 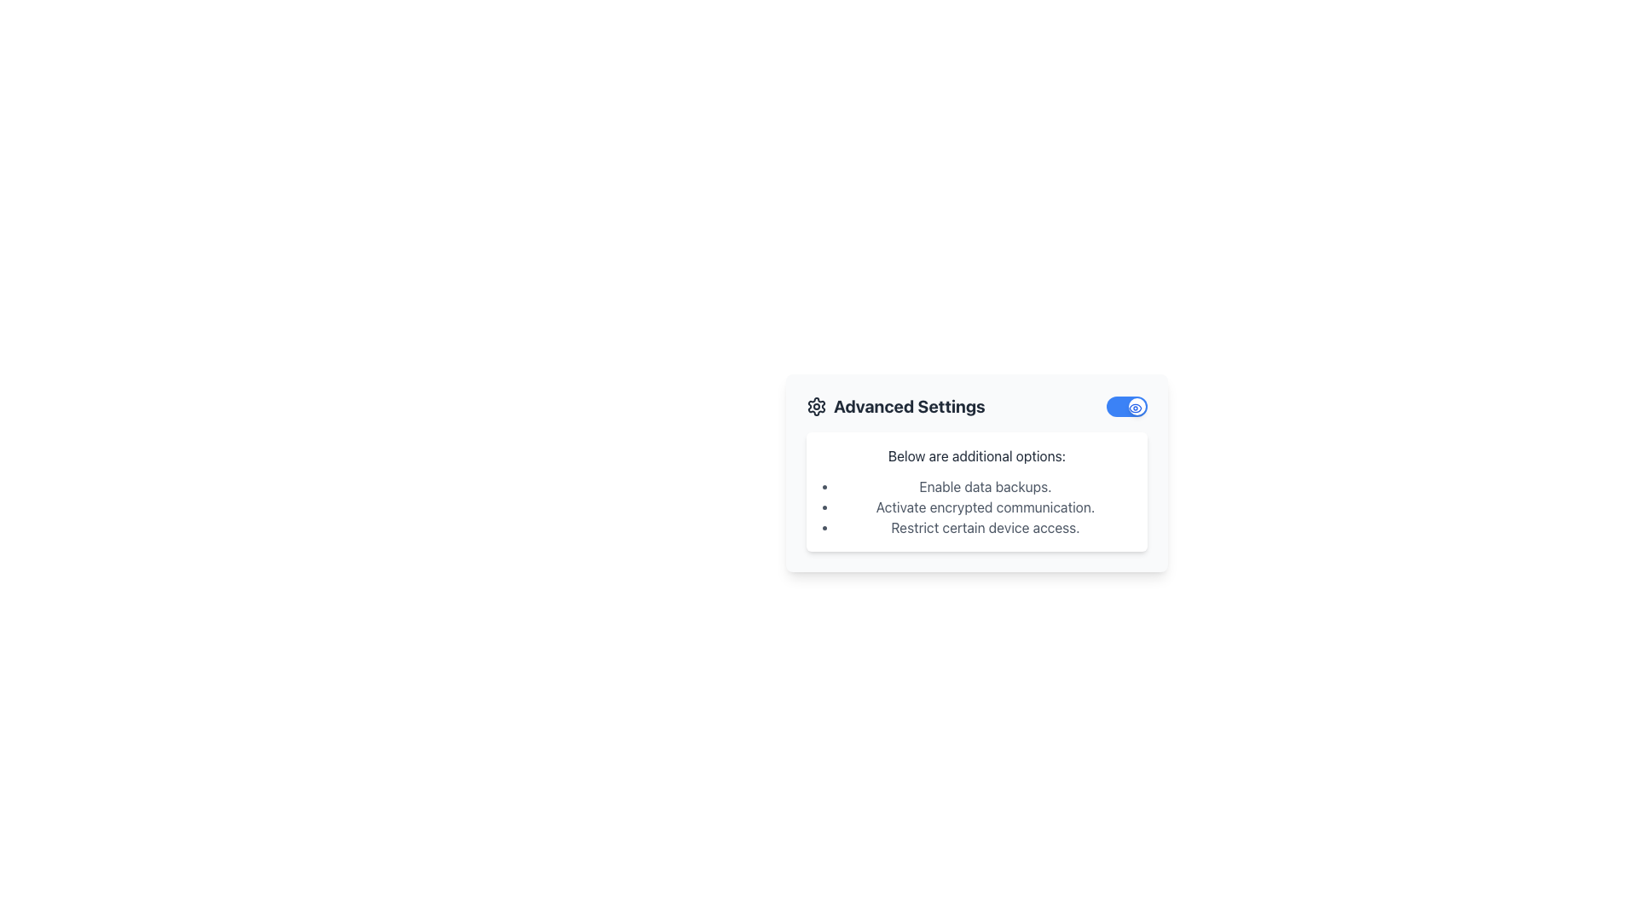 What do you see at coordinates (816, 407) in the screenshot?
I see `the cogwheel icon represented in SVG format, which is located to the left of the 'Advanced Settings' label in the UI` at bounding box center [816, 407].